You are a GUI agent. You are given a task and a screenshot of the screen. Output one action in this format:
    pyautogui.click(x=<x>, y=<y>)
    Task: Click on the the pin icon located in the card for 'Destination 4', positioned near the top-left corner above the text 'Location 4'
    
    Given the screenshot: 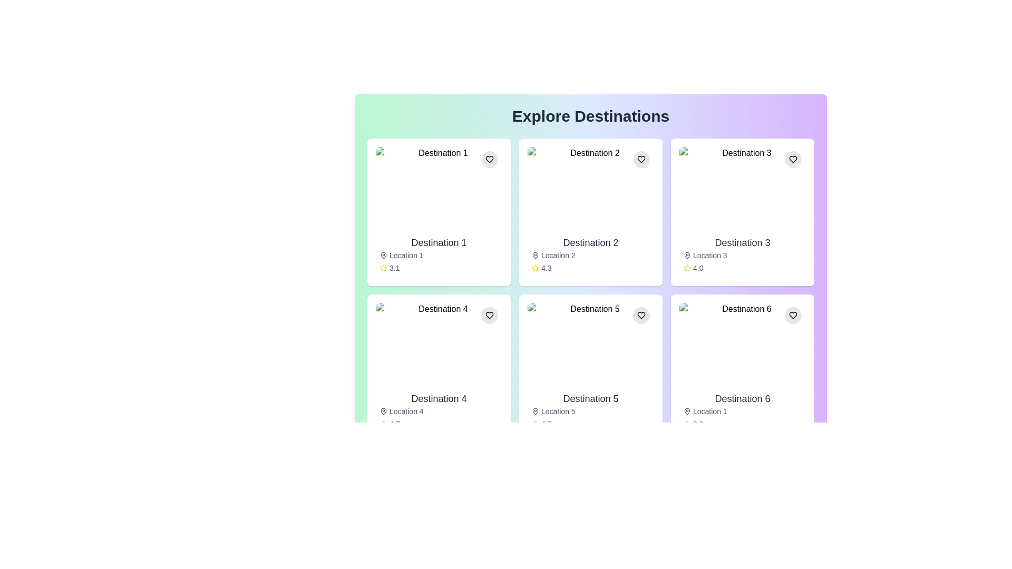 What is the action you would take?
    pyautogui.click(x=383, y=410)
    